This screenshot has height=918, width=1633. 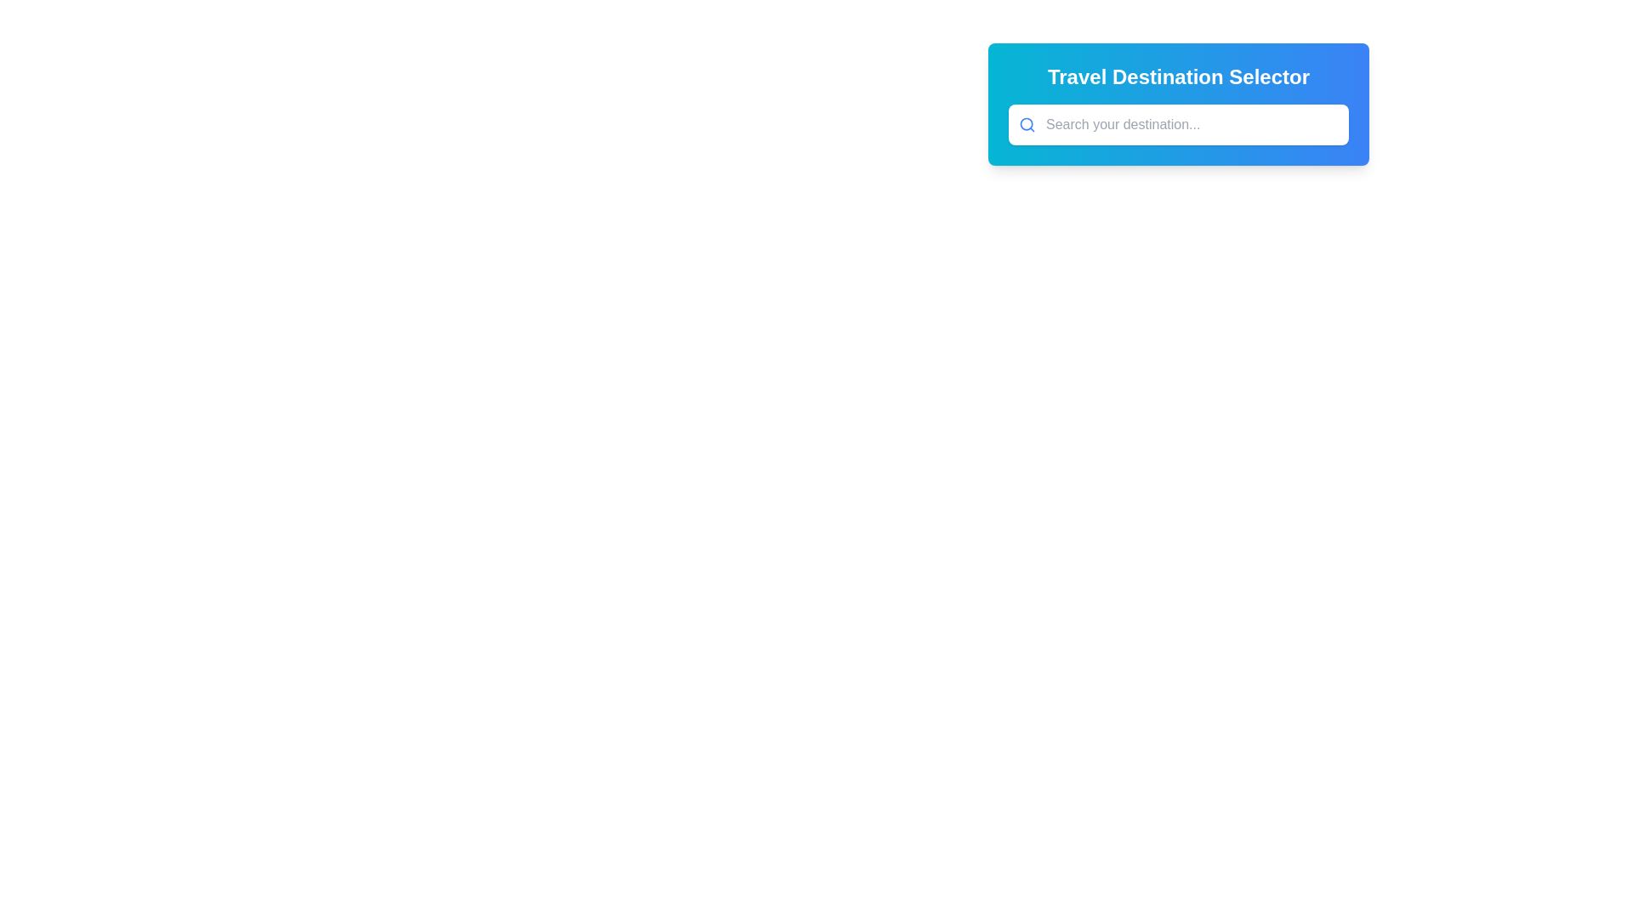 I want to click on the text label reading 'Travel Destination Selector', which is styled in bold, large white font against a gradient cyan to blue background, so click(x=1178, y=77).